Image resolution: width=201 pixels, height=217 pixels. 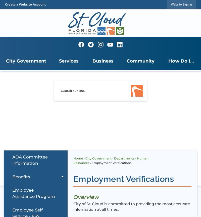 What do you see at coordinates (86, 196) in the screenshot?
I see `'Overview'` at bounding box center [86, 196].